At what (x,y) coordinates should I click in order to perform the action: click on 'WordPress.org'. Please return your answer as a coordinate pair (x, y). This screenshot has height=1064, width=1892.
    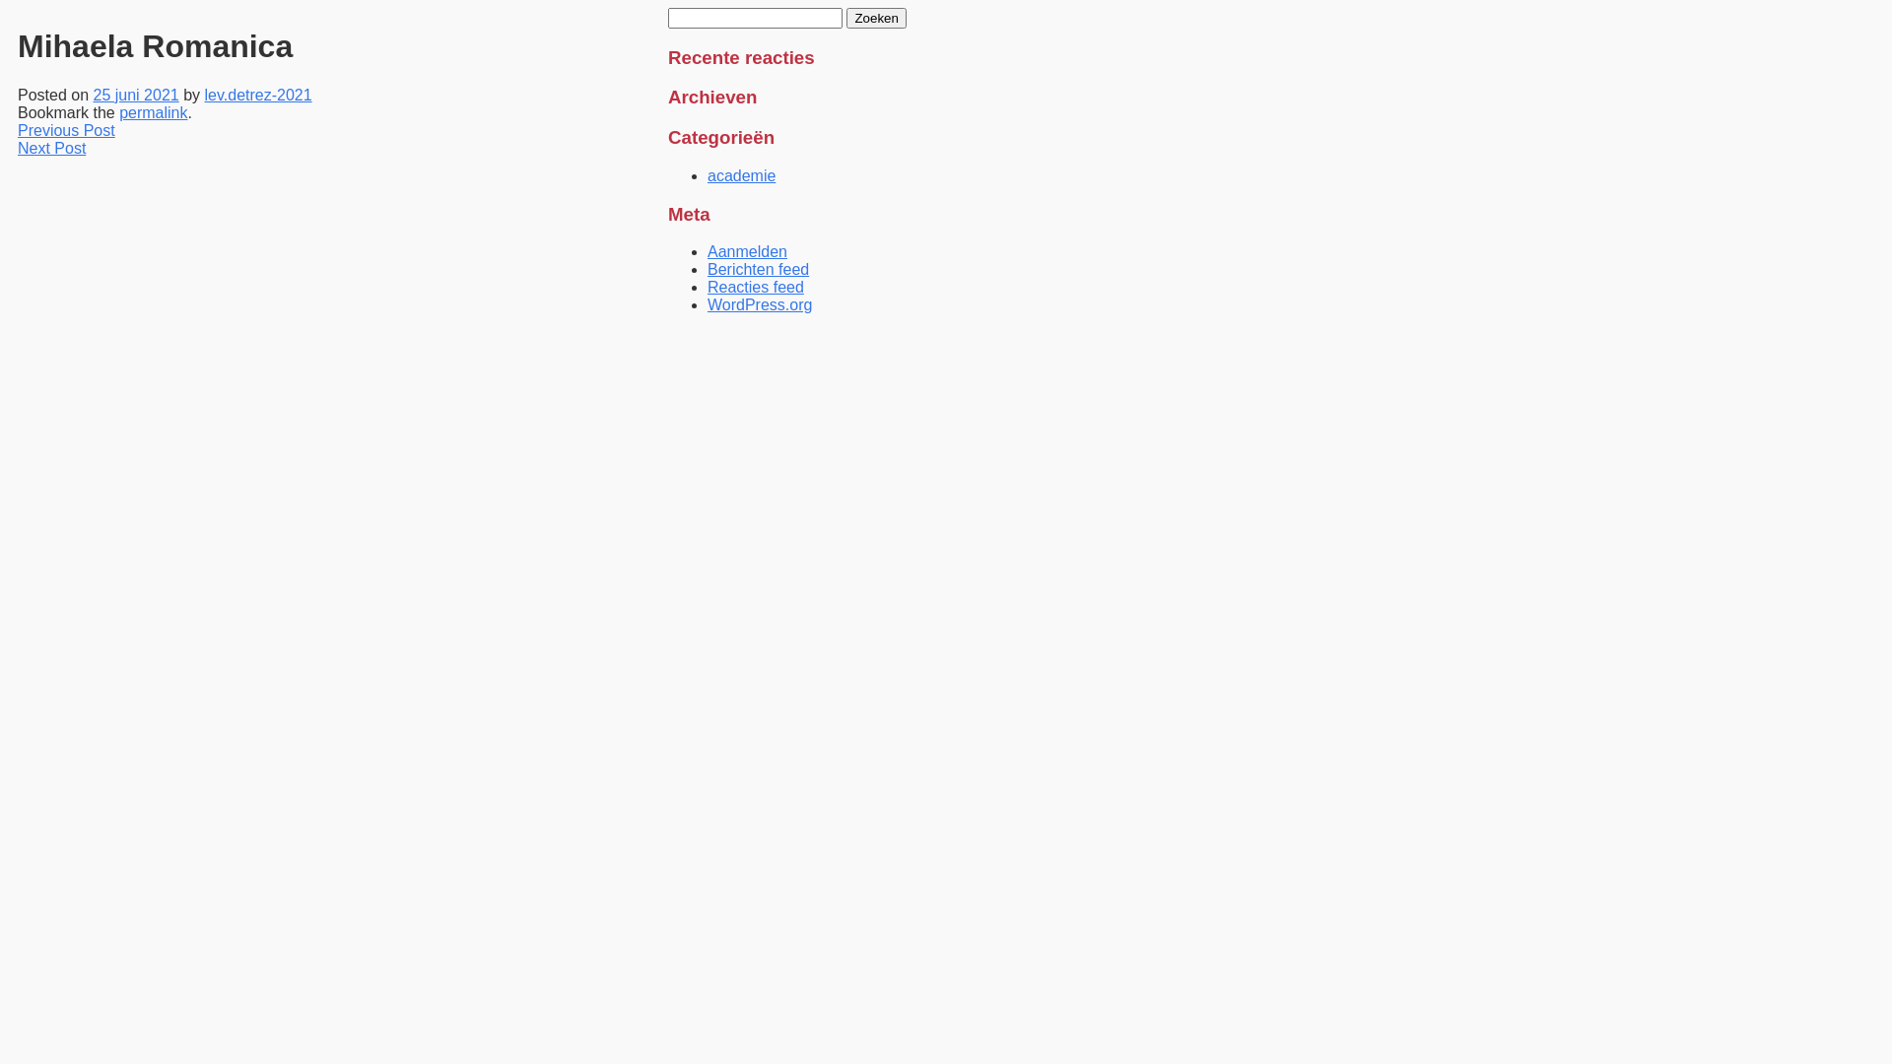
    Looking at the image, I should click on (759, 304).